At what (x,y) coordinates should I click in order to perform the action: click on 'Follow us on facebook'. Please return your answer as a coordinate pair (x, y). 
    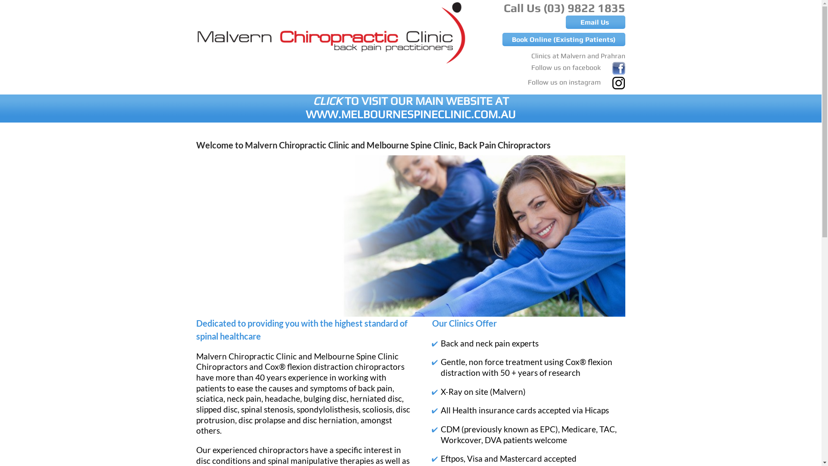
    Looking at the image, I should click on (531, 65).